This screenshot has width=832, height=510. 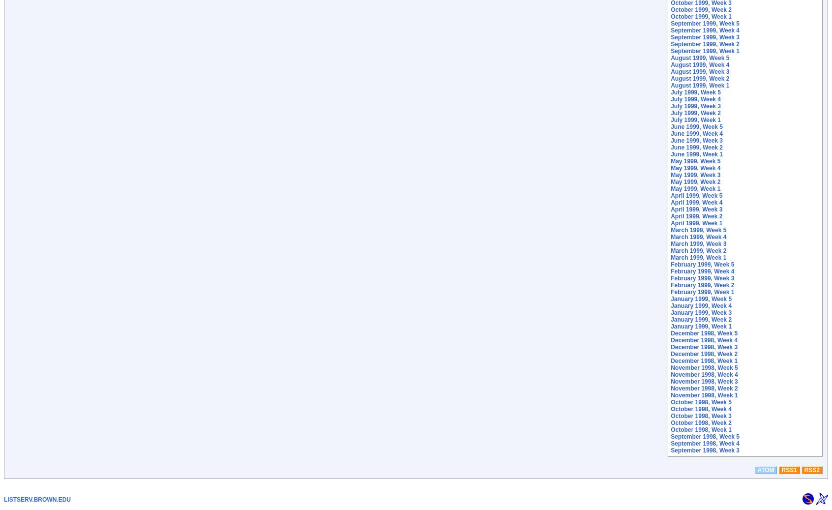 What do you see at coordinates (695, 188) in the screenshot?
I see `'May 1999, Week 1'` at bounding box center [695, 188].